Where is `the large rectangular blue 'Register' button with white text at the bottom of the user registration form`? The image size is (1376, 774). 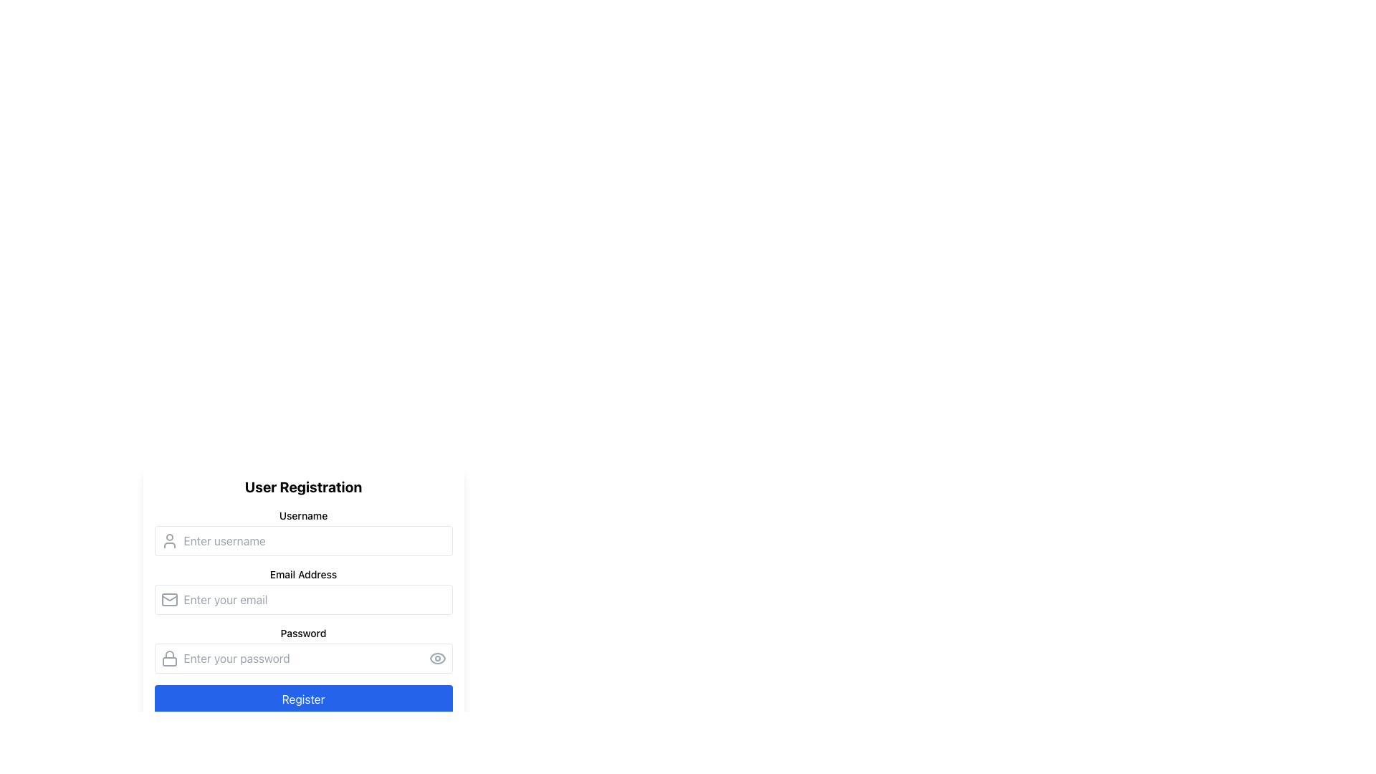 the large rectangular blue 'Register' button with white text at the bottom of the user registration form is located at coordinates (302, 698).